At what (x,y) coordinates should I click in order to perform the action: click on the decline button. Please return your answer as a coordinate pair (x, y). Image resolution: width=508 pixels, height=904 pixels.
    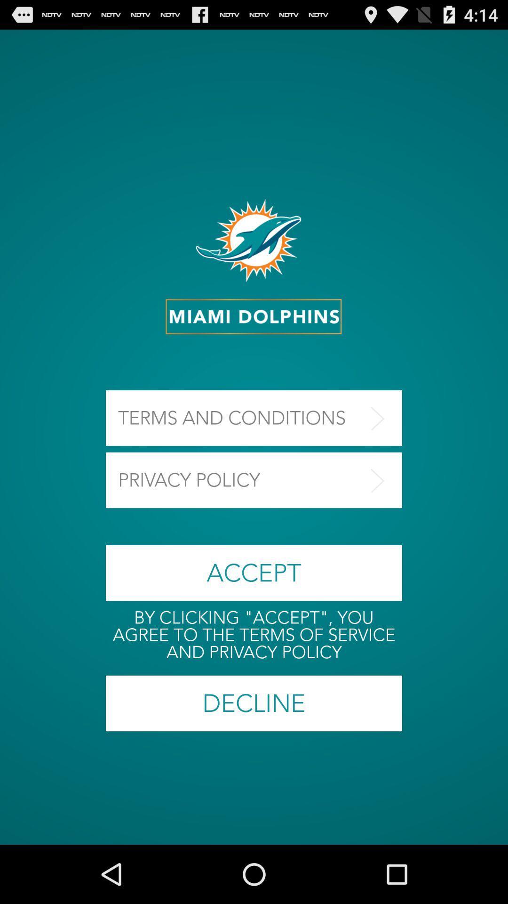
    Looking at the image, I should click on (254, 703).